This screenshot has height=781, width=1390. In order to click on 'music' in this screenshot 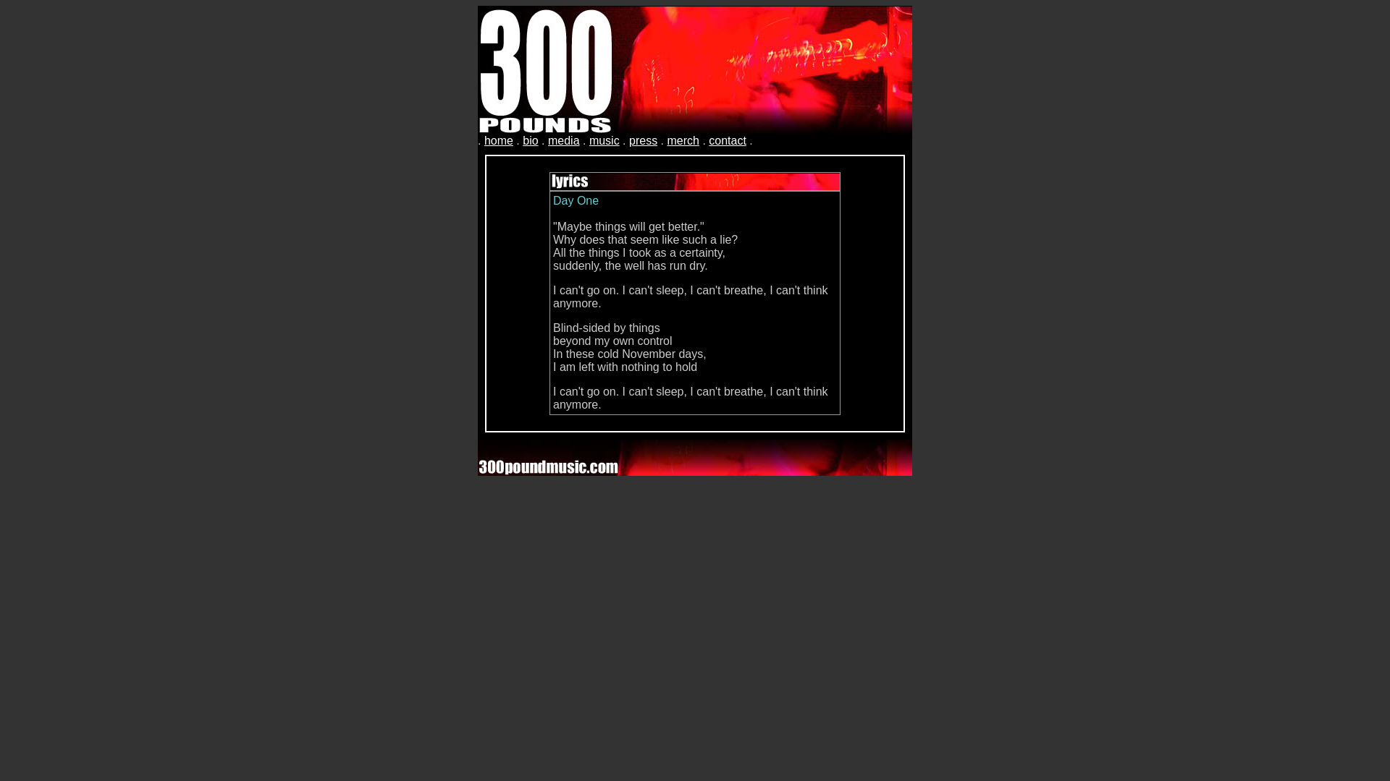, I will do `click(589, 140)`.